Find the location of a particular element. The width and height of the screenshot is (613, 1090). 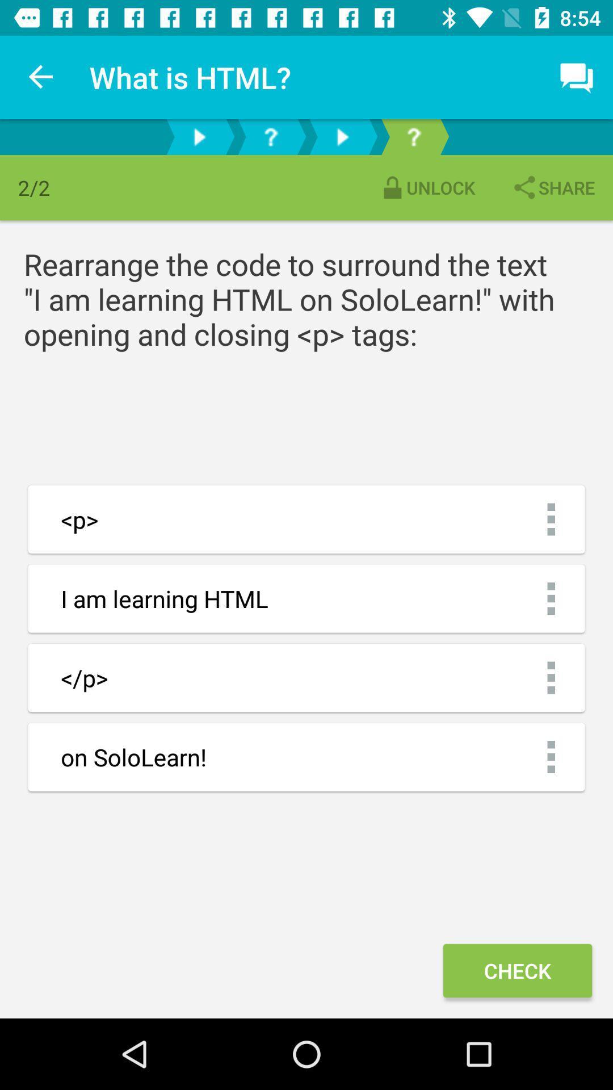

the button which is below the button i am learning html is located at coordinates (306, 678).